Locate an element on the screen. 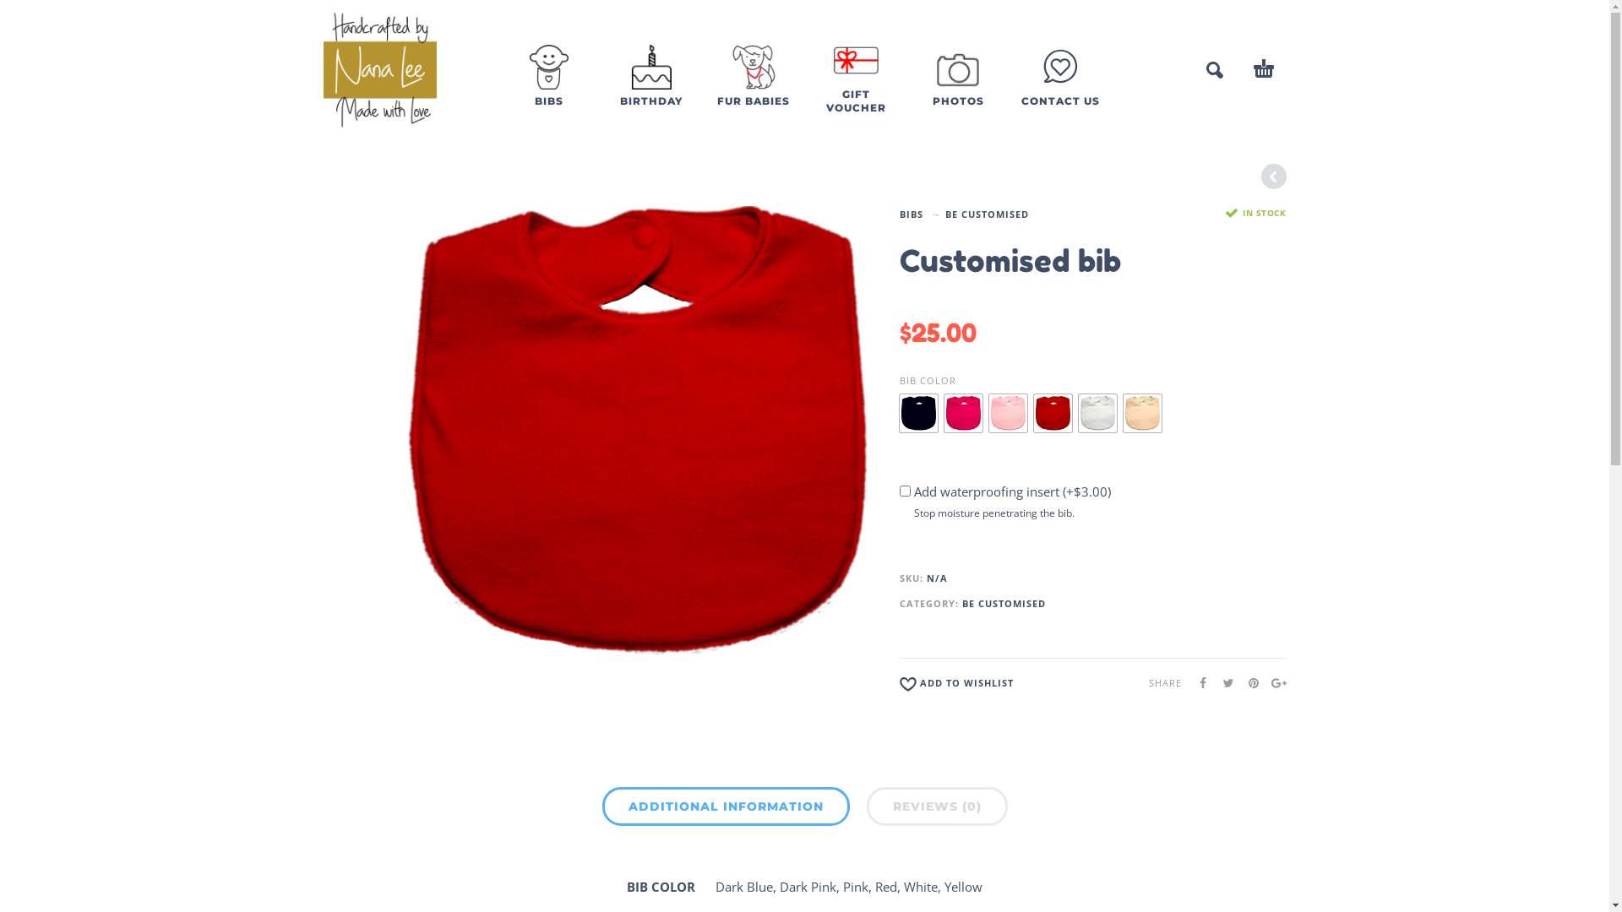 Image resolution: width=1622 pixels, height=912 pixels. 'BIBS' is located at coordinates (549, 90).